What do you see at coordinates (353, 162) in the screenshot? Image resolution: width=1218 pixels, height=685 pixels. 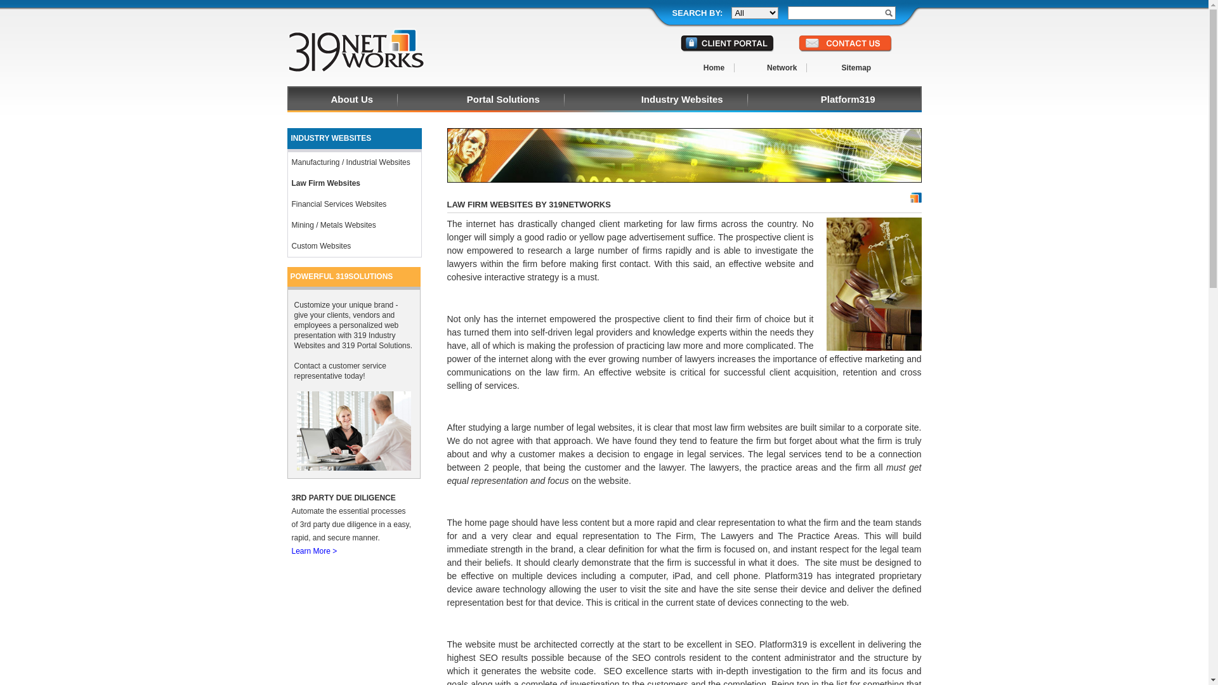 I see `'Manufacturing / Industrial Websites'` at bounding box center [353, 162].